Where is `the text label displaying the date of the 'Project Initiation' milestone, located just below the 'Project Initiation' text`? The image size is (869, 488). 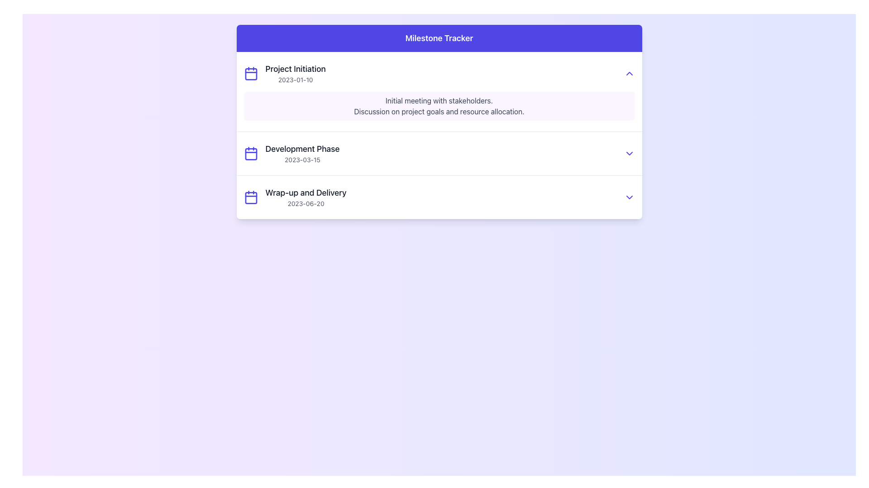 the text label displaying the date of the 'Project Initiation' milestone, located just below the 'Project Initiation' text is located at coordinates (296, 80).